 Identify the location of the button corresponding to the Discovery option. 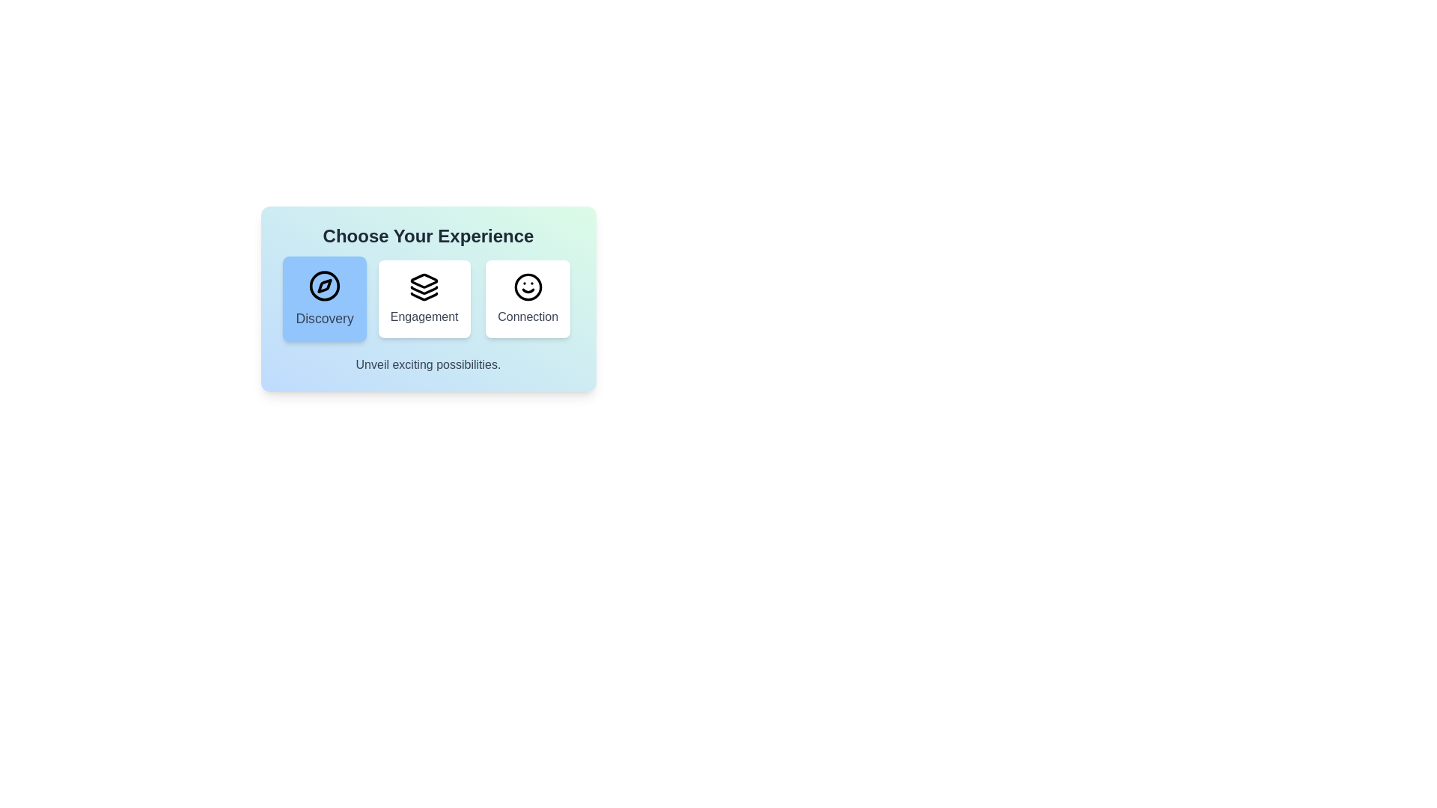
(323, 299).